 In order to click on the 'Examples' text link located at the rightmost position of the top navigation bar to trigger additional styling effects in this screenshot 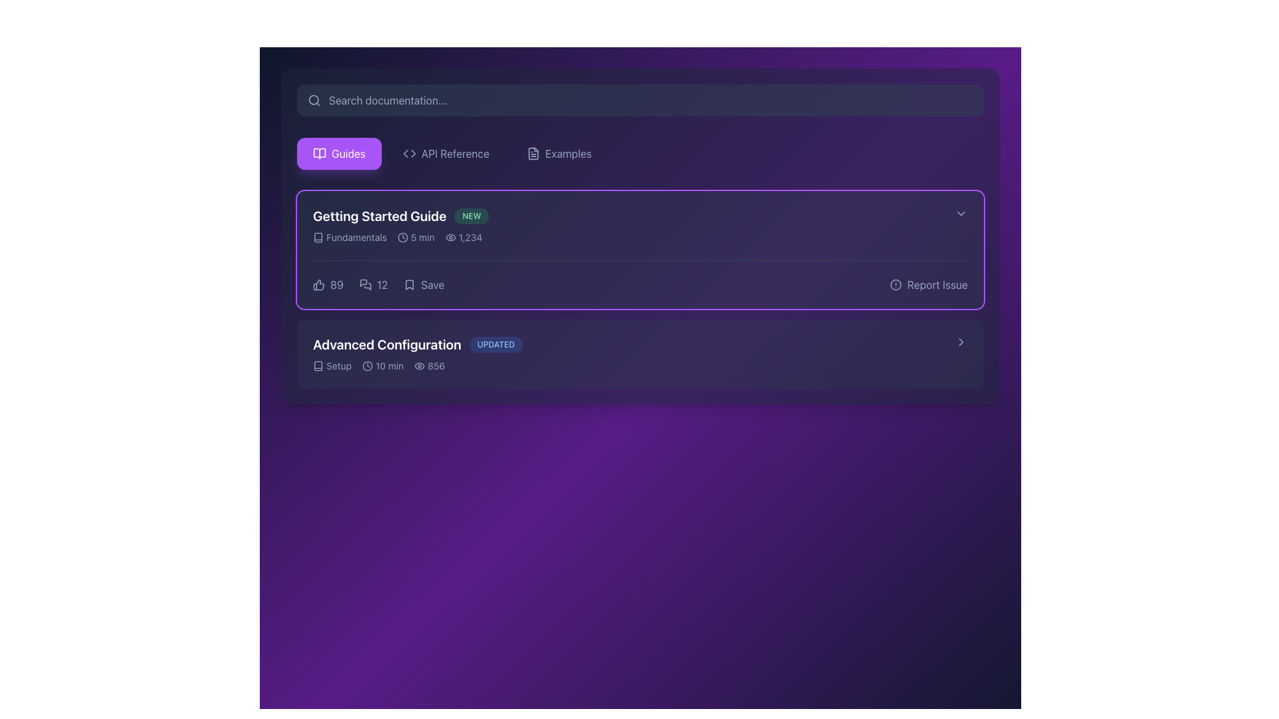, I will do `click(568, 153)`.